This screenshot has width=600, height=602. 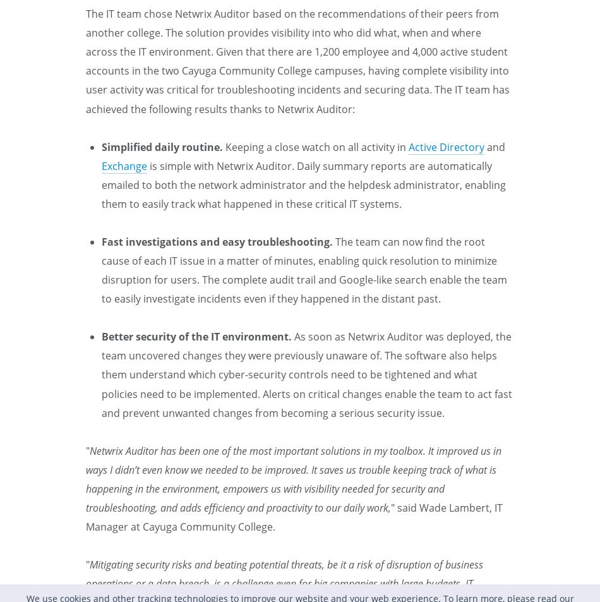 What do you see at coordinates (307, 374) in the screenshot?
I see `'As soon as Netwrix Auditor was deployed, the team uncovered changes they were previously unaware of. The software also helps them understand which cyber-security controls need to be tightened and what policies need to be implemented. Alerts on critical changes enable the team to act fast and prevent unwanted changes from becoming a serious security issue.'` at bounding box center [307, 374].